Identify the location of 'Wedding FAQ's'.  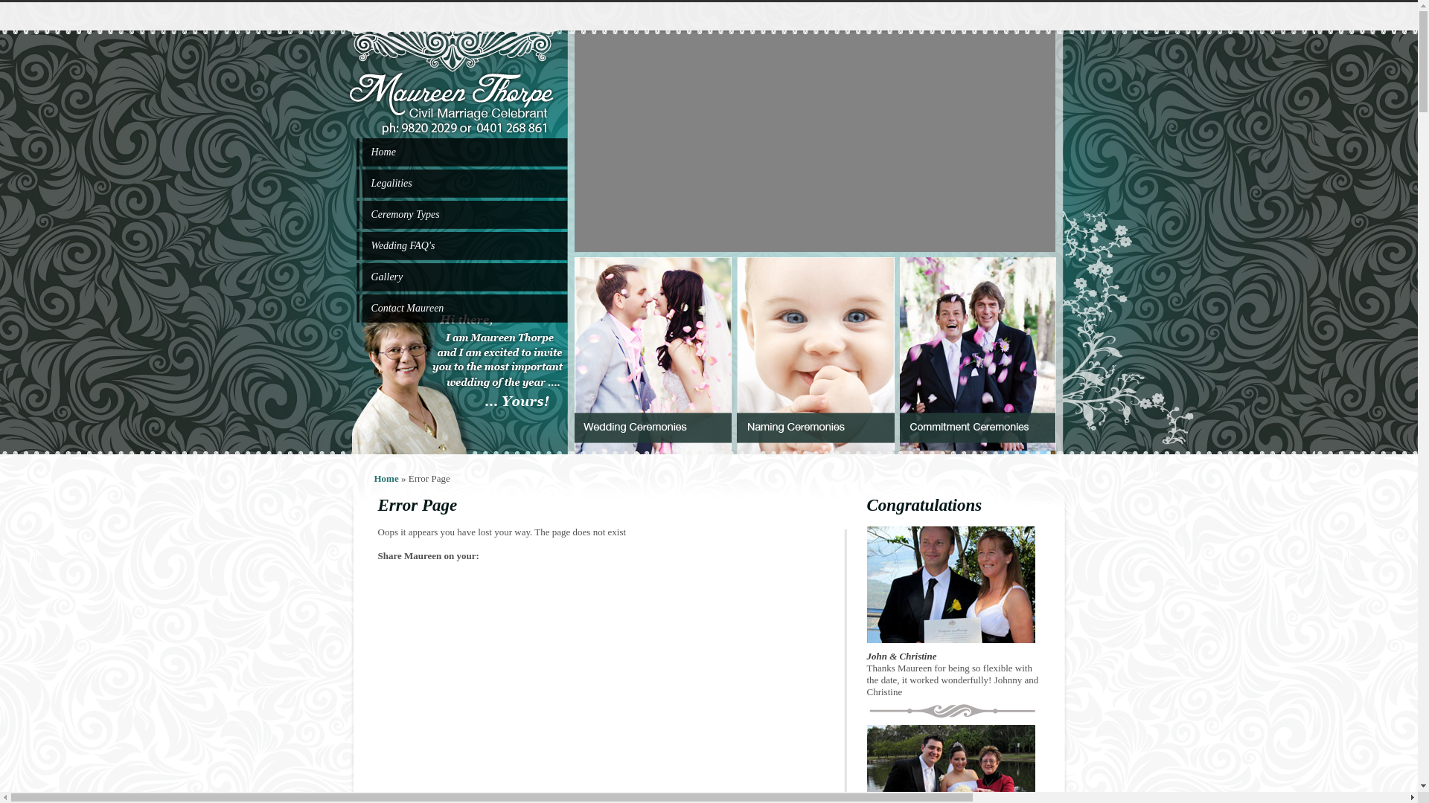
(371, 245).